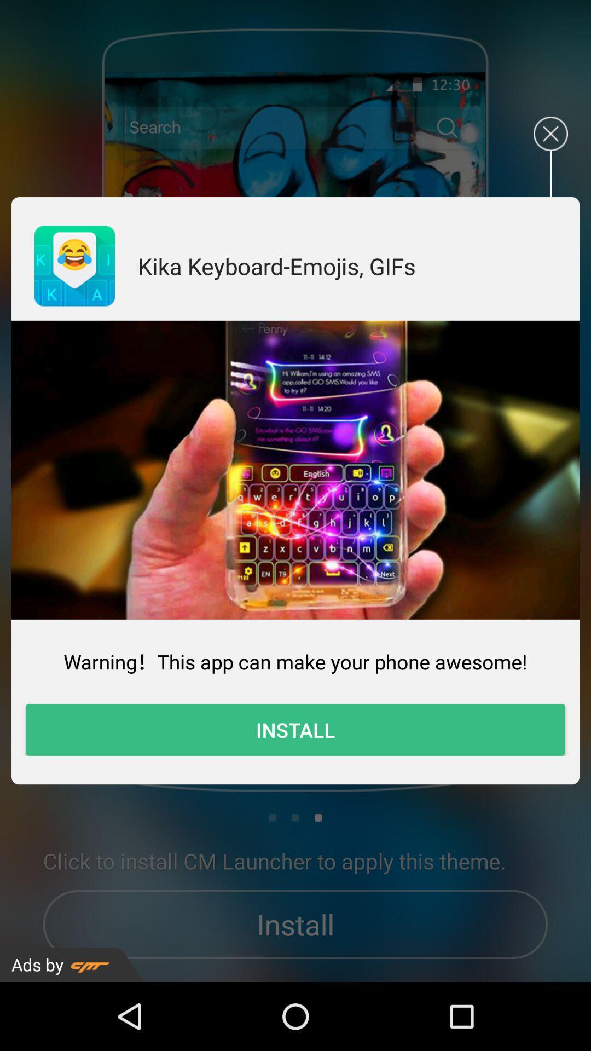  What do you see at coordinates (296, 730) in the screenshot?
I see `the icon above the ads by  icon` at bounding box center [296, 730].